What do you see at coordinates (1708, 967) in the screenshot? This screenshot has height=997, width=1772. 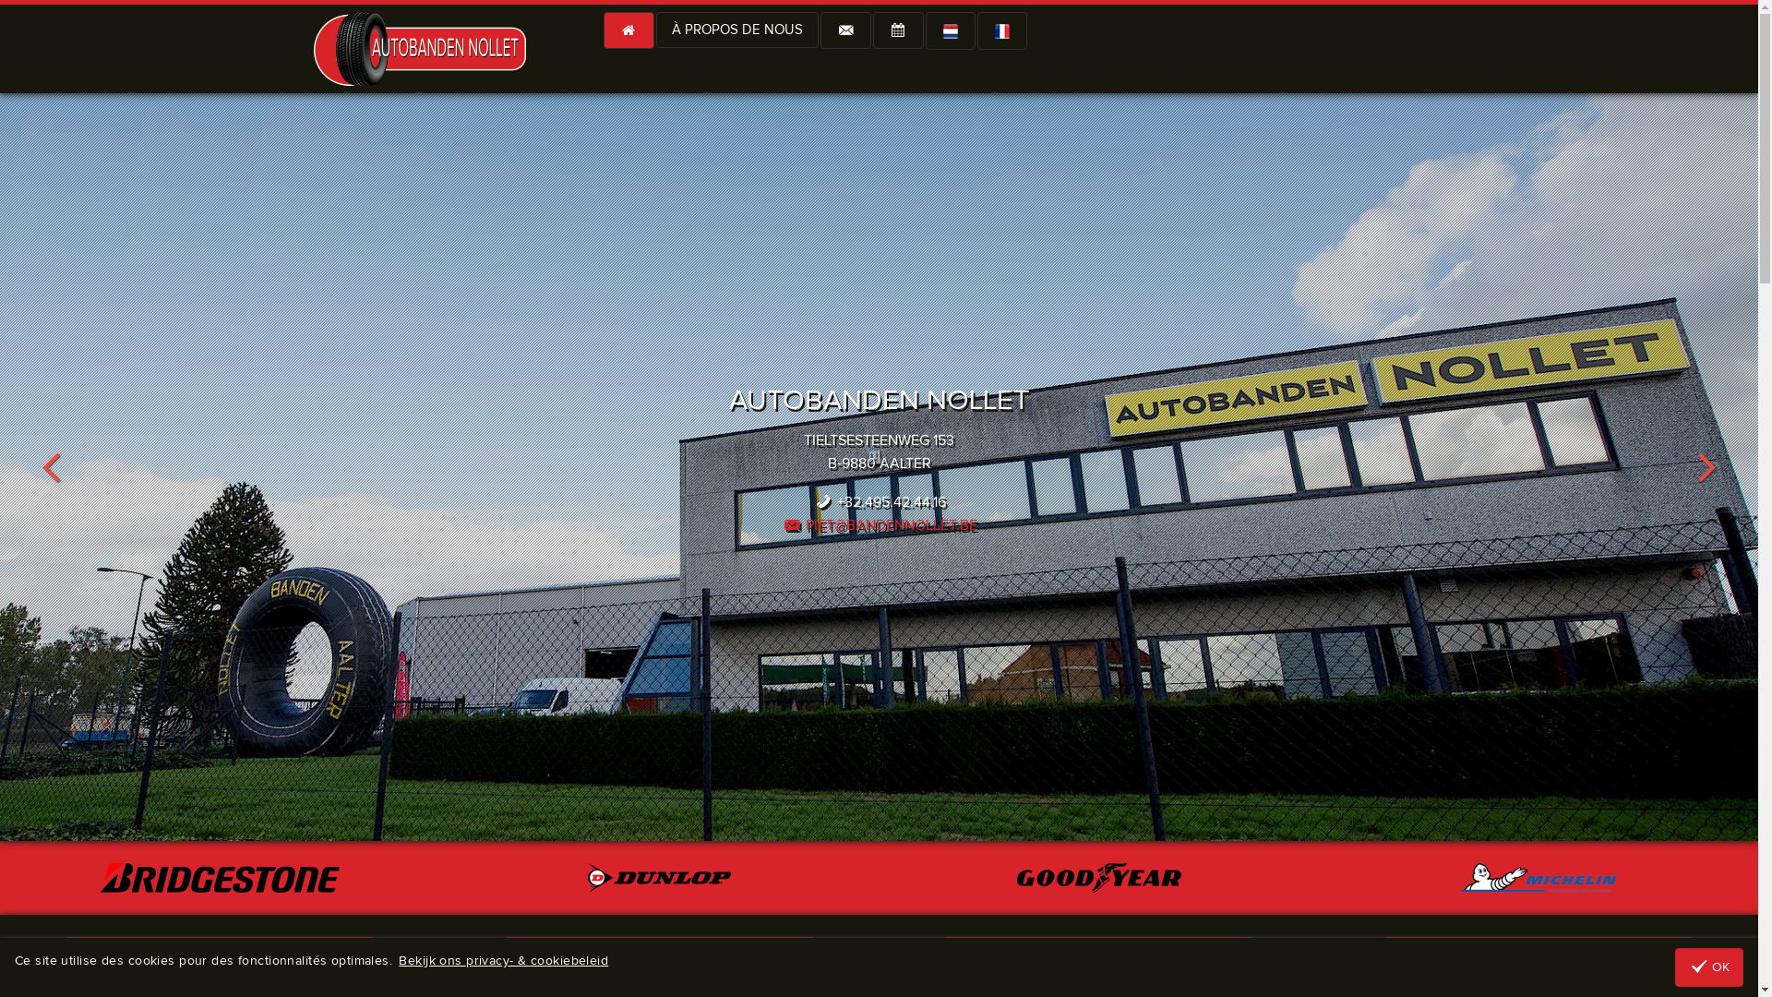 I see `' OK'` at bounding box center [1708, 967].